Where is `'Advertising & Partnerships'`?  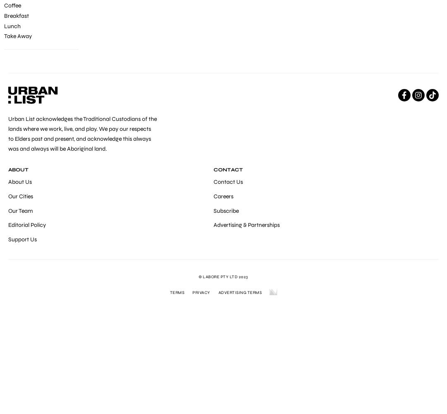
'Advertising & Partnerships' is located at coordinates (245, 225).